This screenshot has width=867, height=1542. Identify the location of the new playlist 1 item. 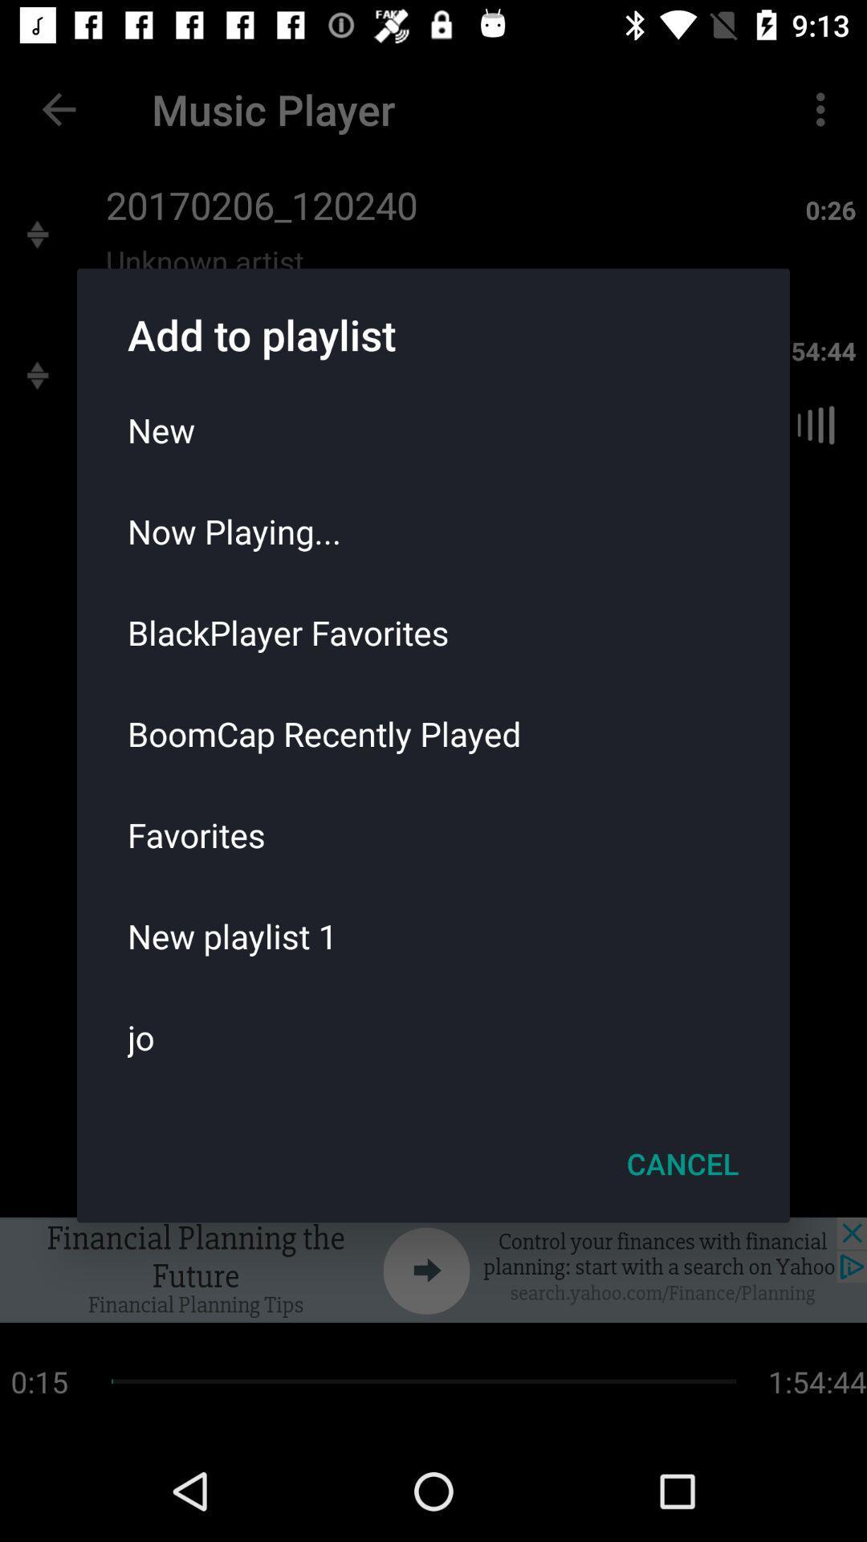
(433, 936).